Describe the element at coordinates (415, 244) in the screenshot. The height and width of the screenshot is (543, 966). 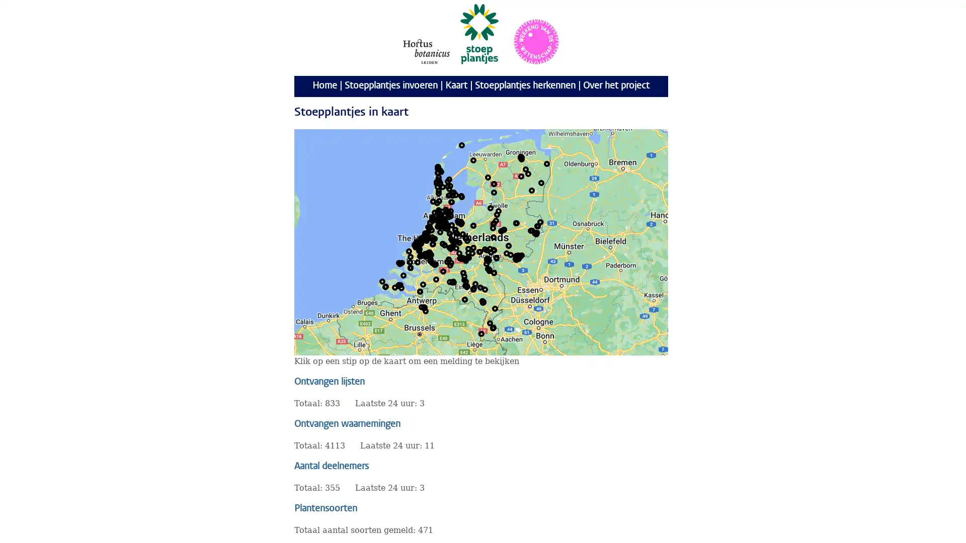
I see `Telling van 76 op 17 oktober 2021` at that location.